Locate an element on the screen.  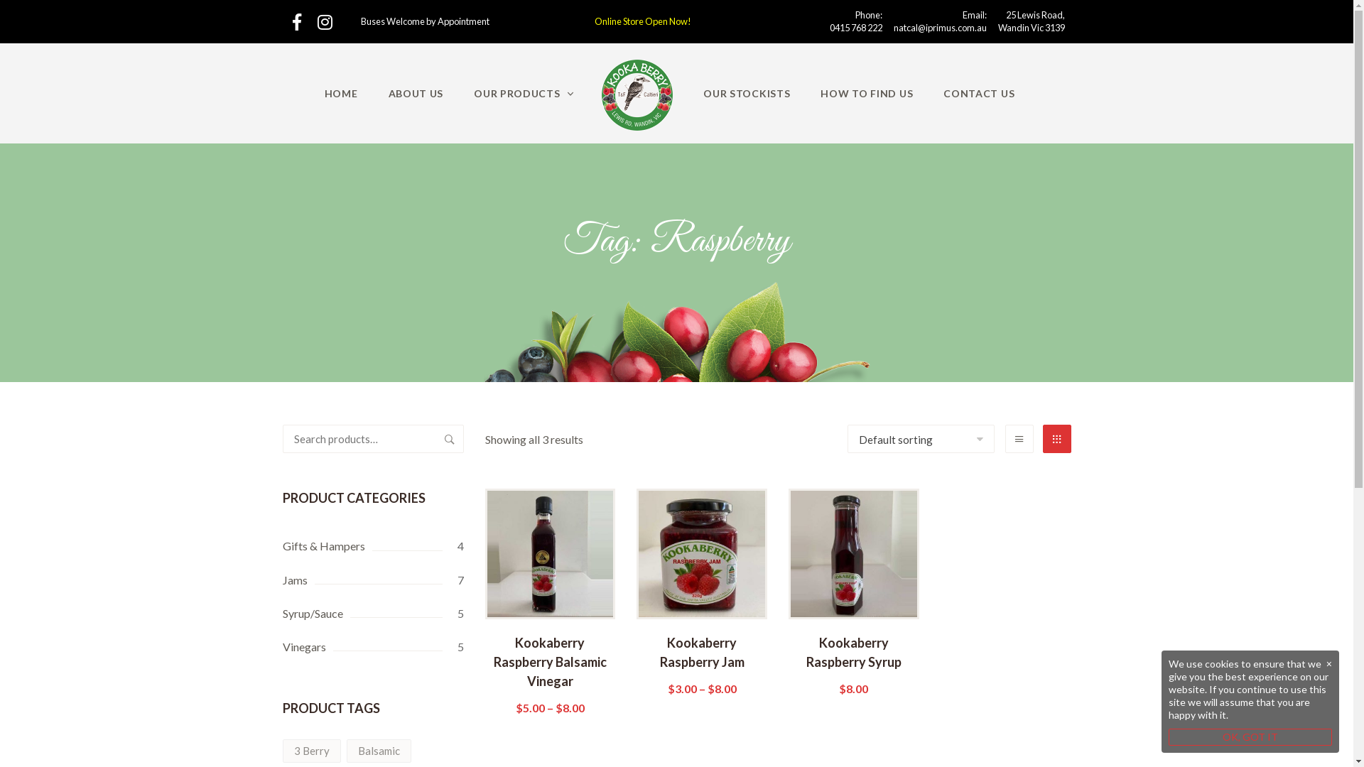
'OUR PRODUCTS' is located at coordinates (523, 93).